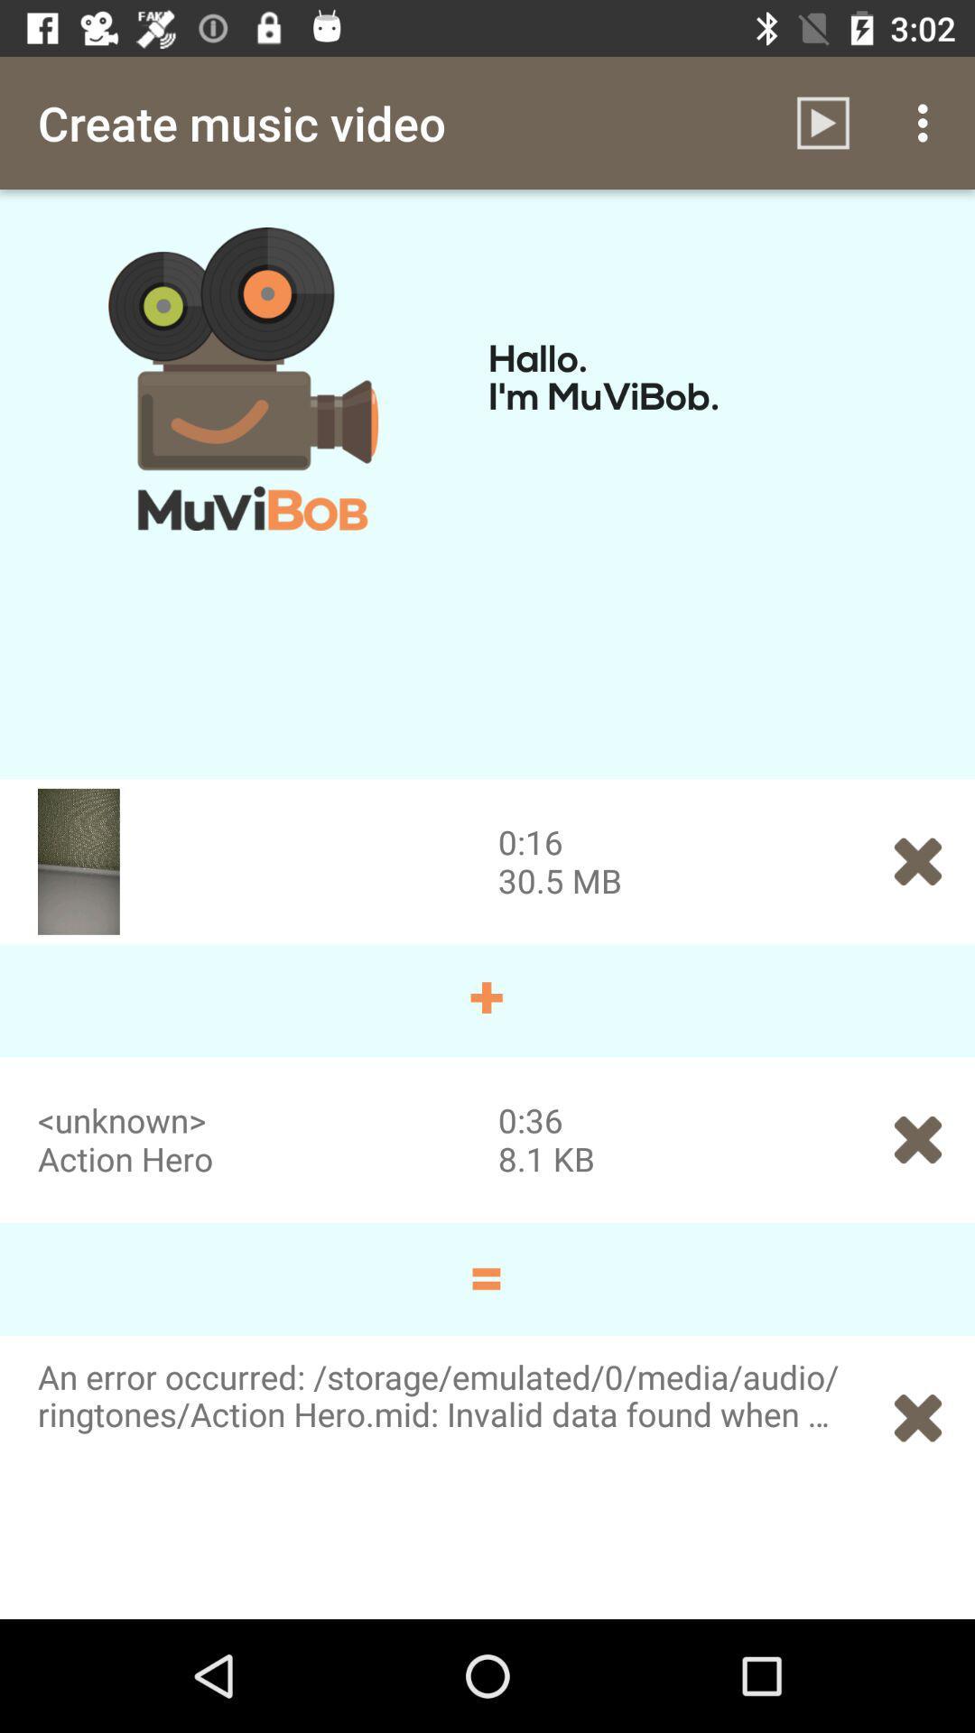  I want to click on the item to the right of an error occurred, so click(918, 1417).